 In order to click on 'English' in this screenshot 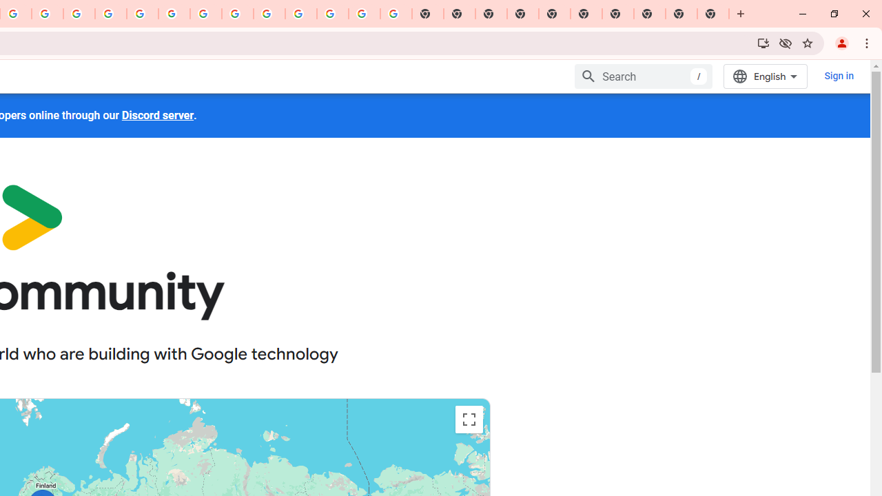, I will do `click(765, 76)`.